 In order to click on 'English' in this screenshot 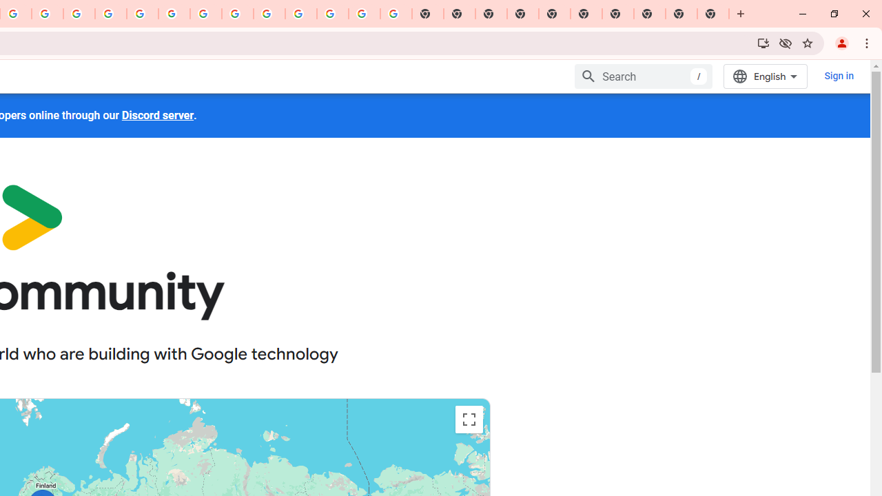, I will do `click(765, 76)`.